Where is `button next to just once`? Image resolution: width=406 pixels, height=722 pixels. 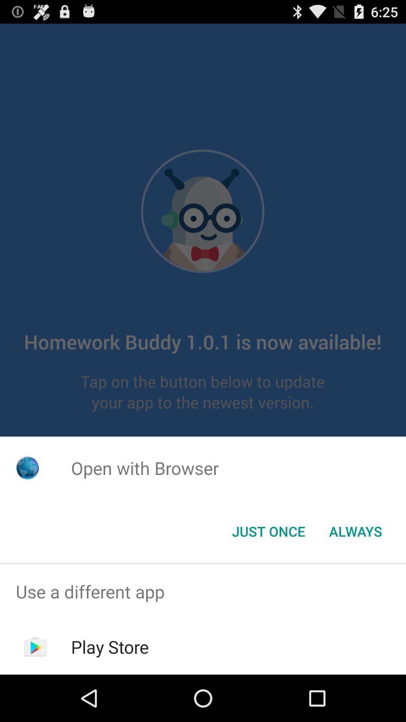 button next to just once is located at coordinates (355, 531).